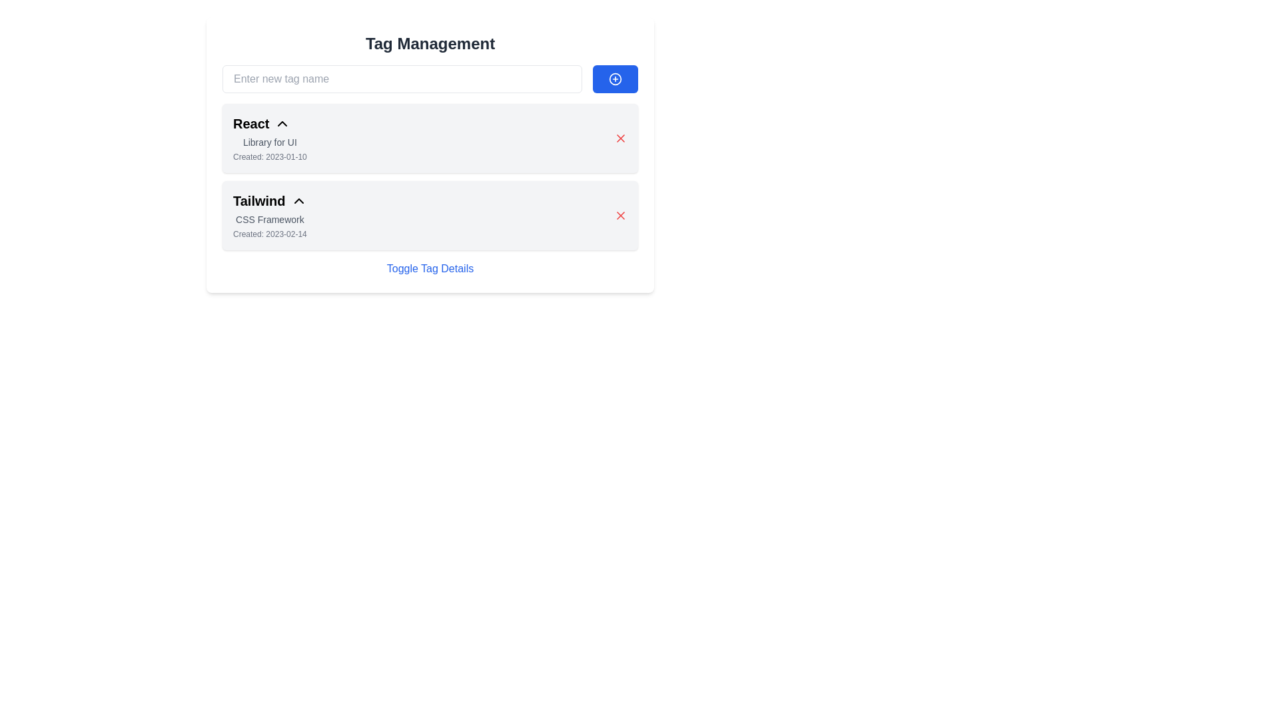 This screenshot has height=719, width=1279. What do you see at coordinates (269, 200) in the screenshot?
I see `the 'Tailwind' Text Header which is styled in a bold, large font and aligned with a small arrow symbol to its right, located below the 'React' section` at bounding box center [269, 200].